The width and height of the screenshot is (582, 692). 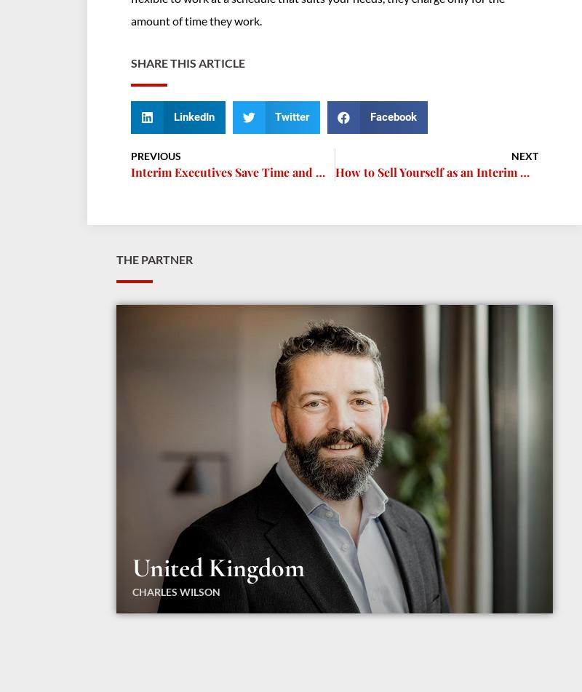 I want to click on 'Charles Wilson', so click(x=175, y=590).